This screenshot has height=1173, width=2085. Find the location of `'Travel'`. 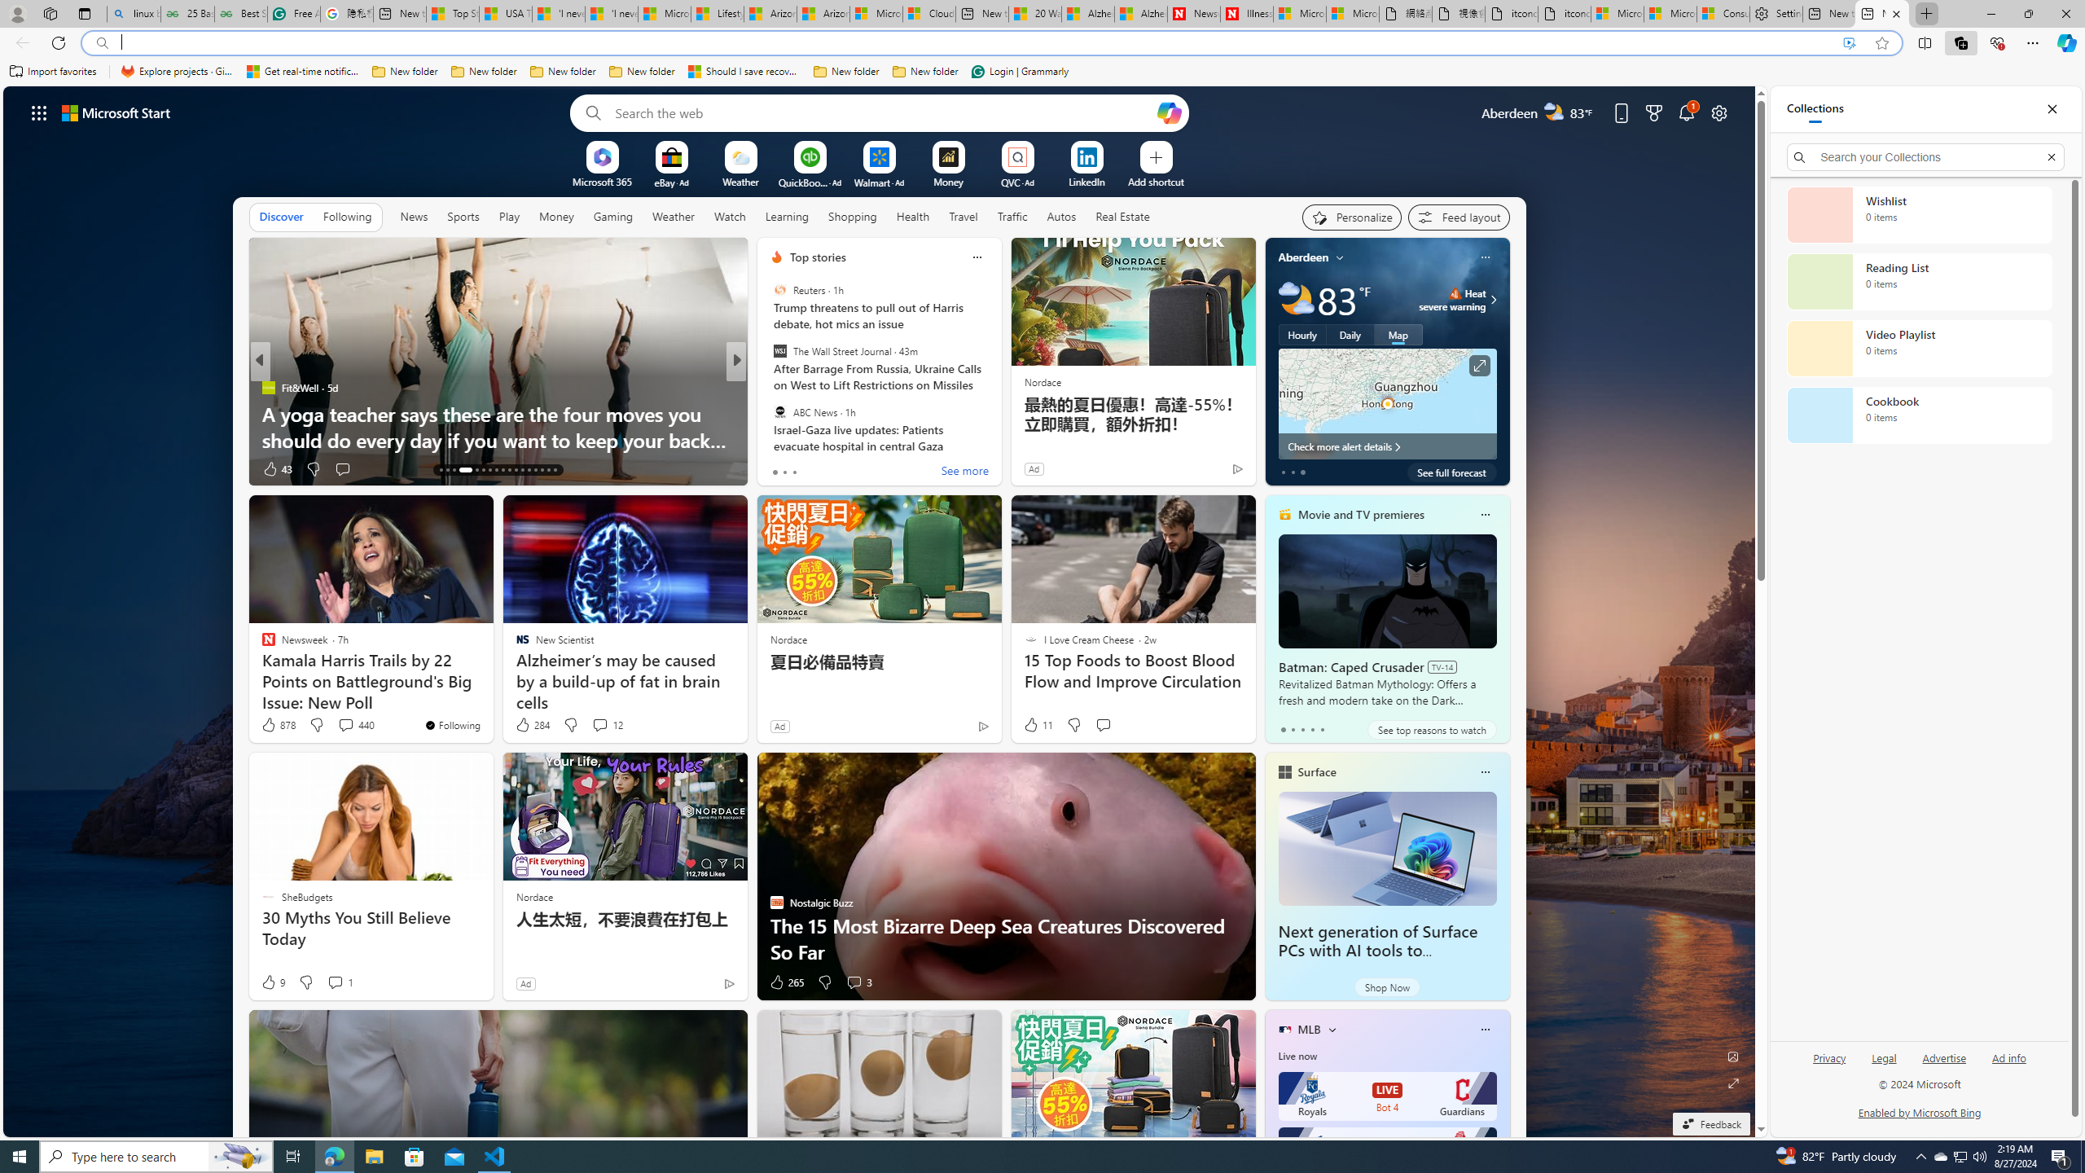

'Travel' is located at coordinates (963, 215).